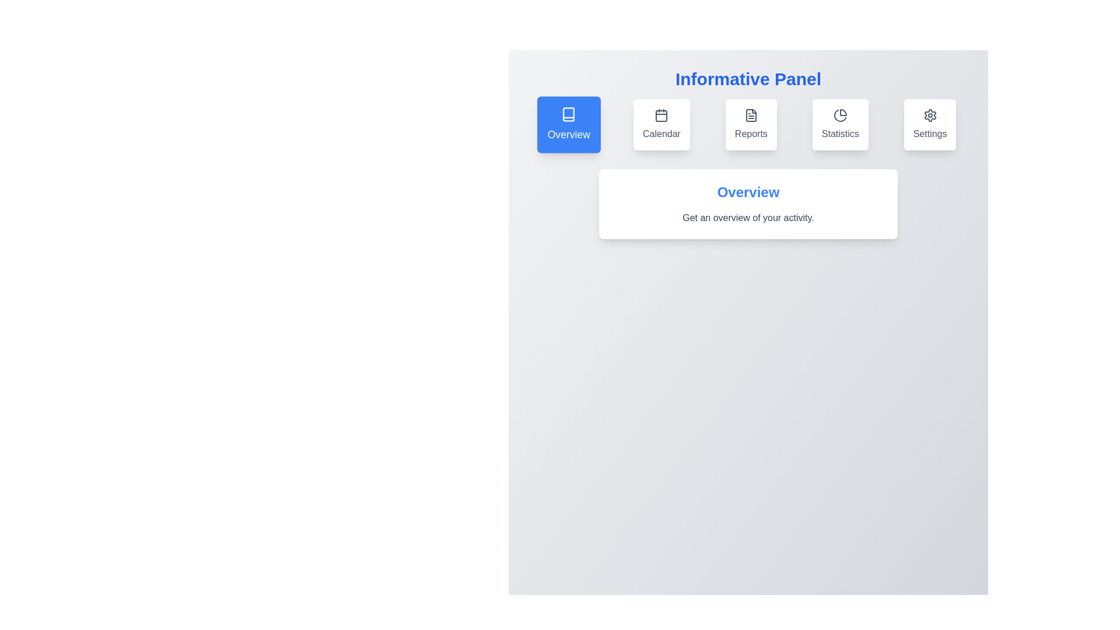  Describe the element at coordinates (840, 124) in the screenshot. I see `the 'Statistics' button, which is a rectangular card with a white background, gray text, and an icon of a pie chart, positioned as the fourth item in a centrally aligned row` at that location.